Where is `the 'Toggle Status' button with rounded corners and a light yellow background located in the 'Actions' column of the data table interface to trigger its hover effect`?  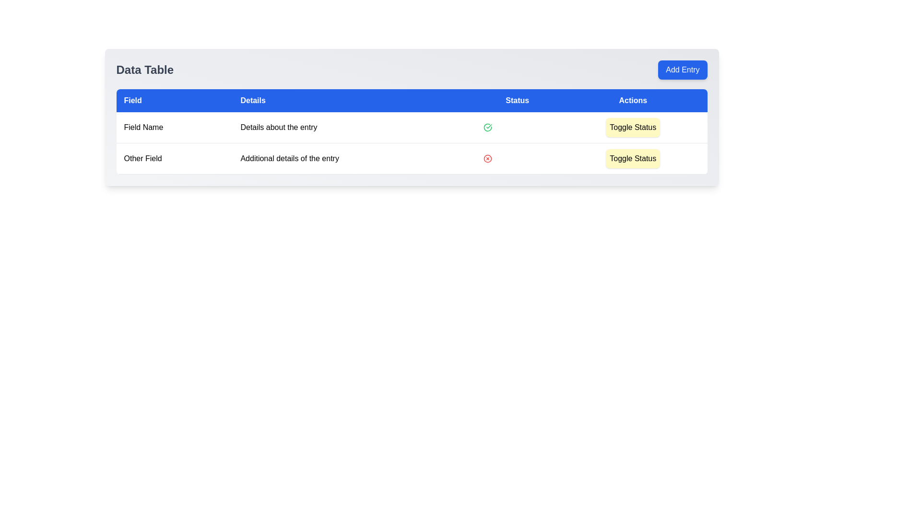 the 'Toggle Status' button with rounded corners and a light yellow background located in the 'Actions' column of the data table interface to trigger its hover effect is located at coordinates (633, 158).